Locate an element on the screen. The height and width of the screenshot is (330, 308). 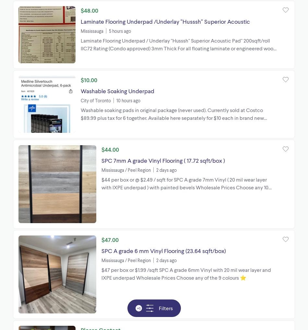
'$47.00' is located at coordinates (110, 240).